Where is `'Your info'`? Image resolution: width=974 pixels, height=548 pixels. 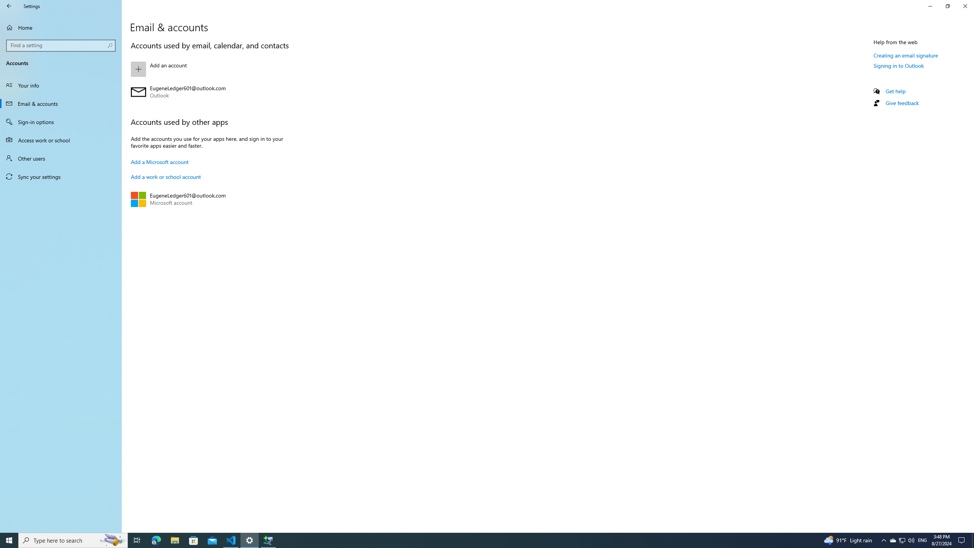 'Your info' is located at coordinates (60, 84).